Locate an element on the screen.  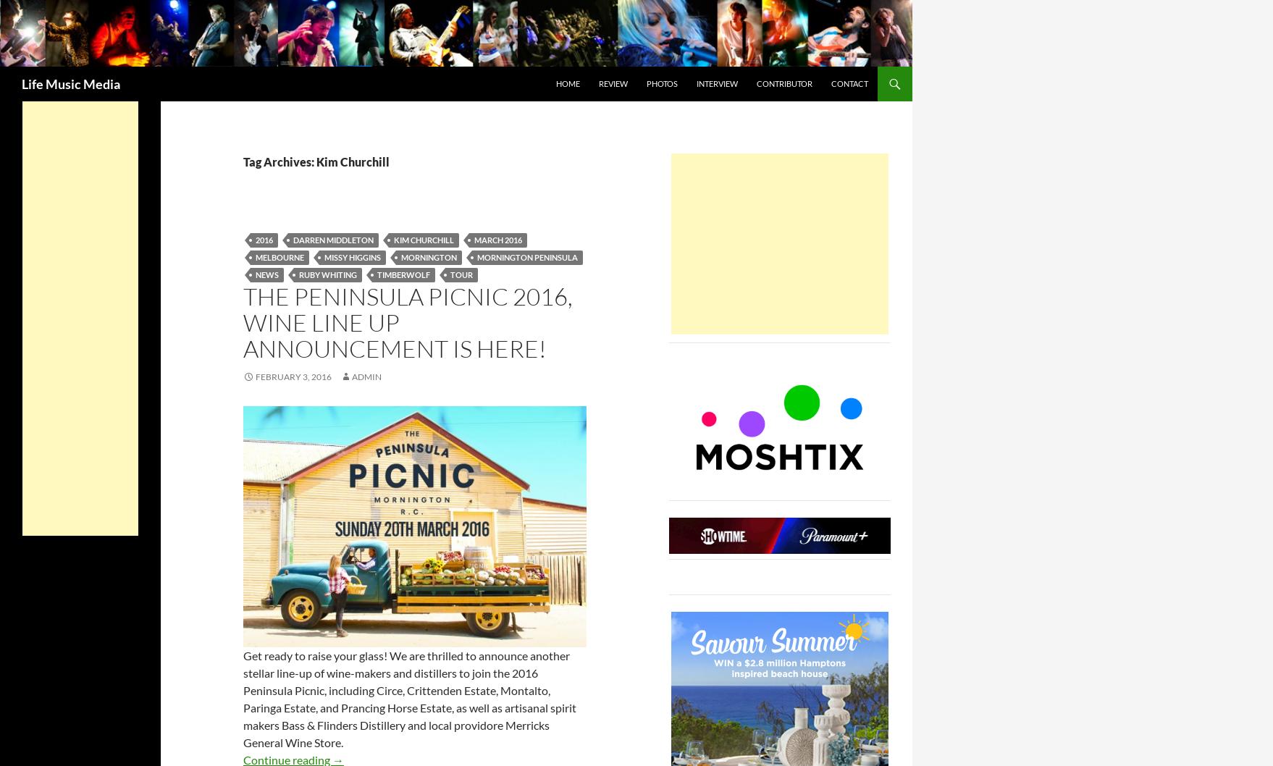
'Missy Higgins' is located at coordinates (351, 256).